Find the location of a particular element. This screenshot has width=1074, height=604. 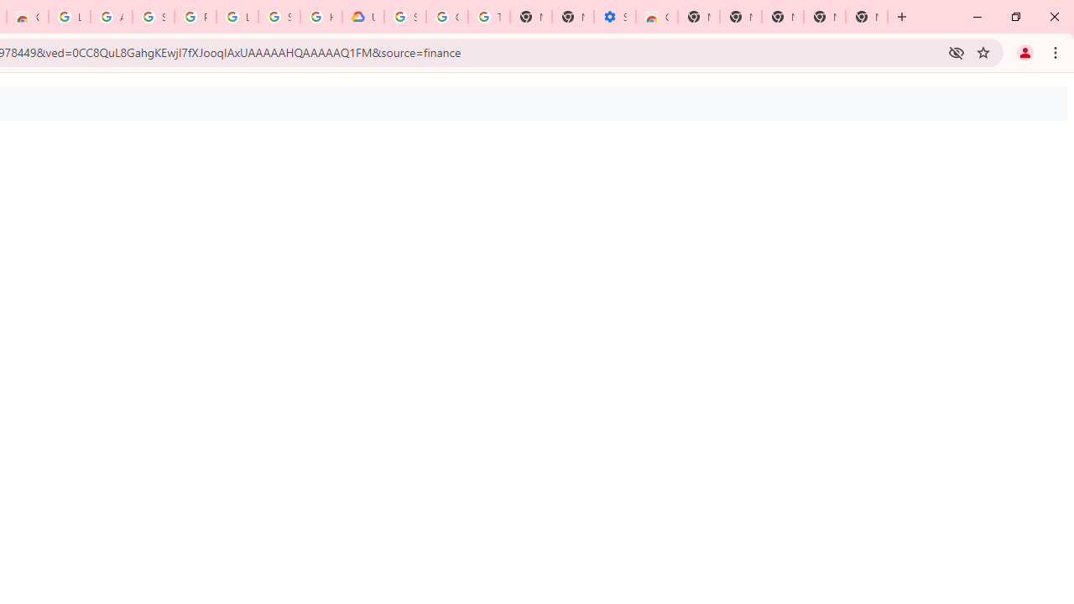

'Sign in - Google Accounts' is located at coordinates (279, 17).